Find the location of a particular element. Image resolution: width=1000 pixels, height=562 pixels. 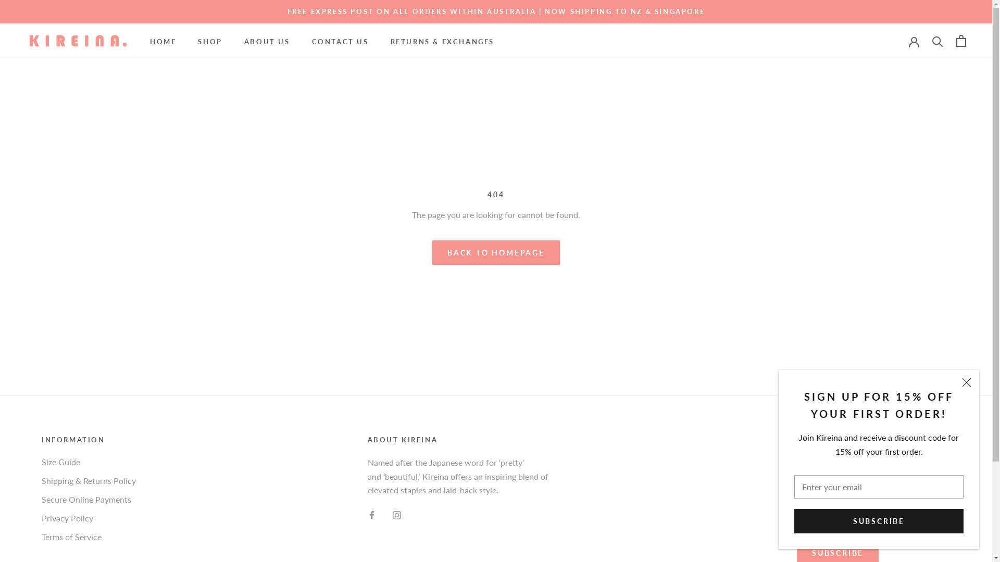

'Shipping & Returns Policy' is located at coordinates (89, 481).